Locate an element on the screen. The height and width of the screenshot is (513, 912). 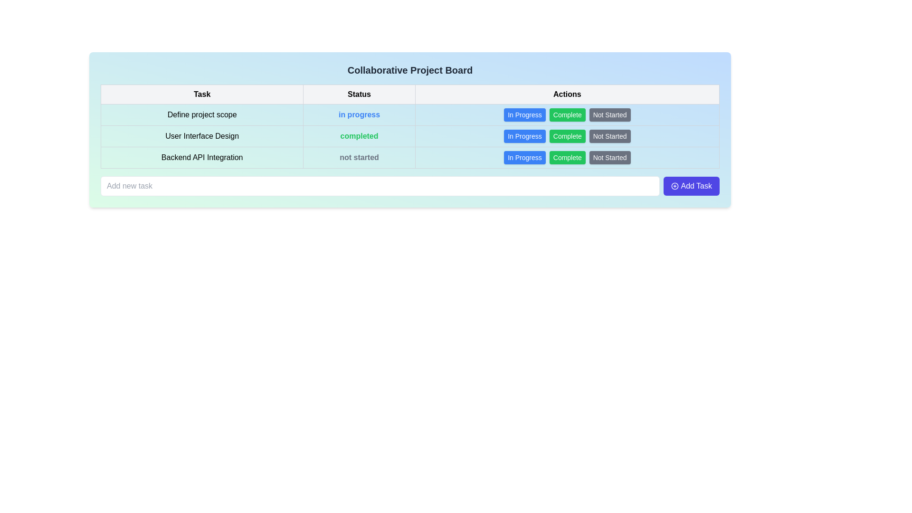
the third button under the 'Actions' column in the task status table to set the task status to 'Not Started' is located at coordinates (610, 136).